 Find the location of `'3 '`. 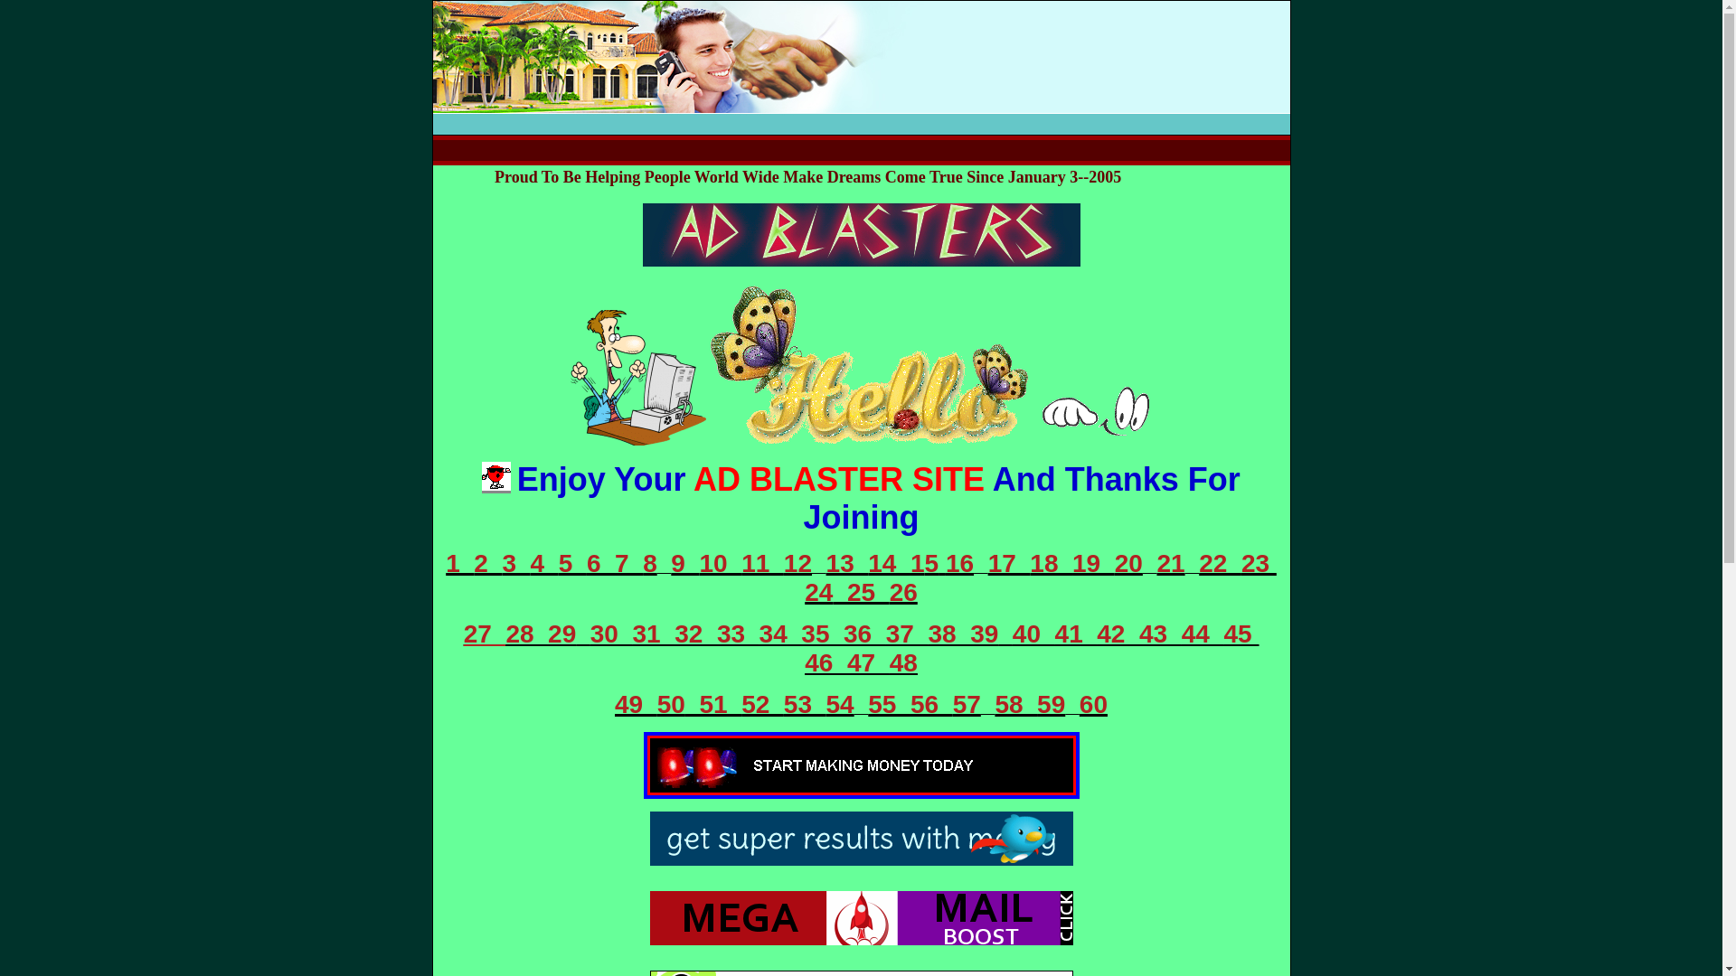

'3 ' is located at coordinates (514, 562).